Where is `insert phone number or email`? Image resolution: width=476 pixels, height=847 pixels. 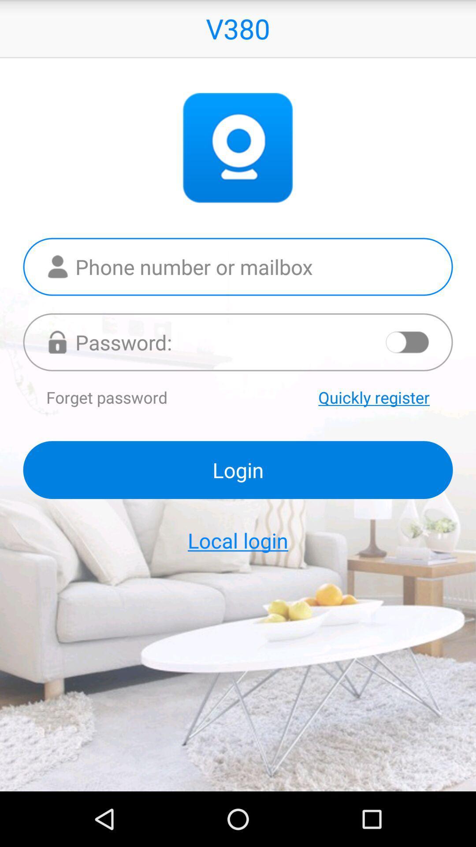
insert phone number or email is located at coordinates (238, 266).